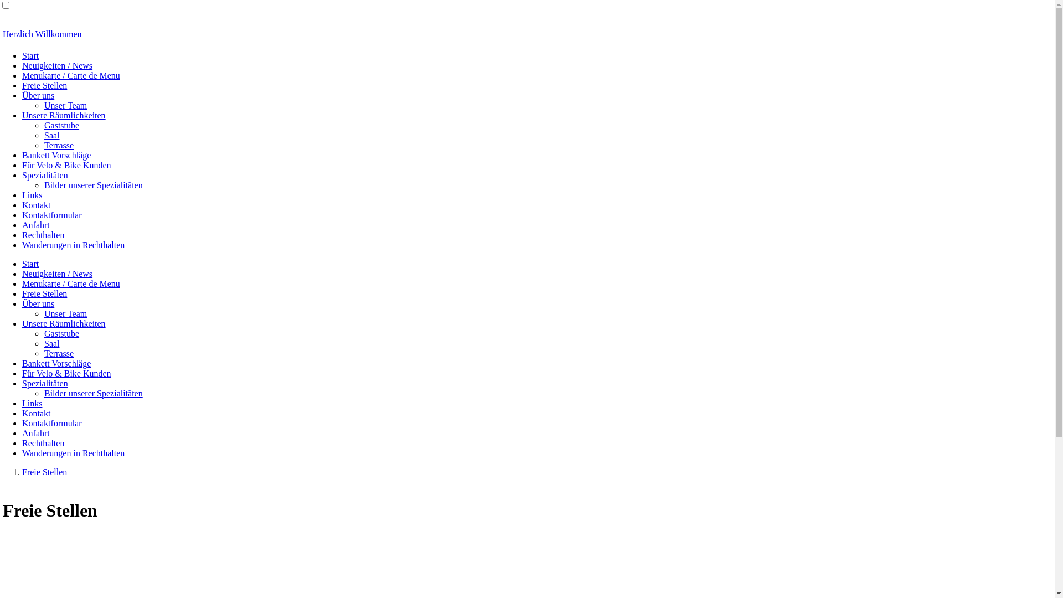 The width and height of the screenshot is (1063, 598). Describe the element at coordinates (61, 125) in the screenshot. I see `'Gaststube'` at that location.